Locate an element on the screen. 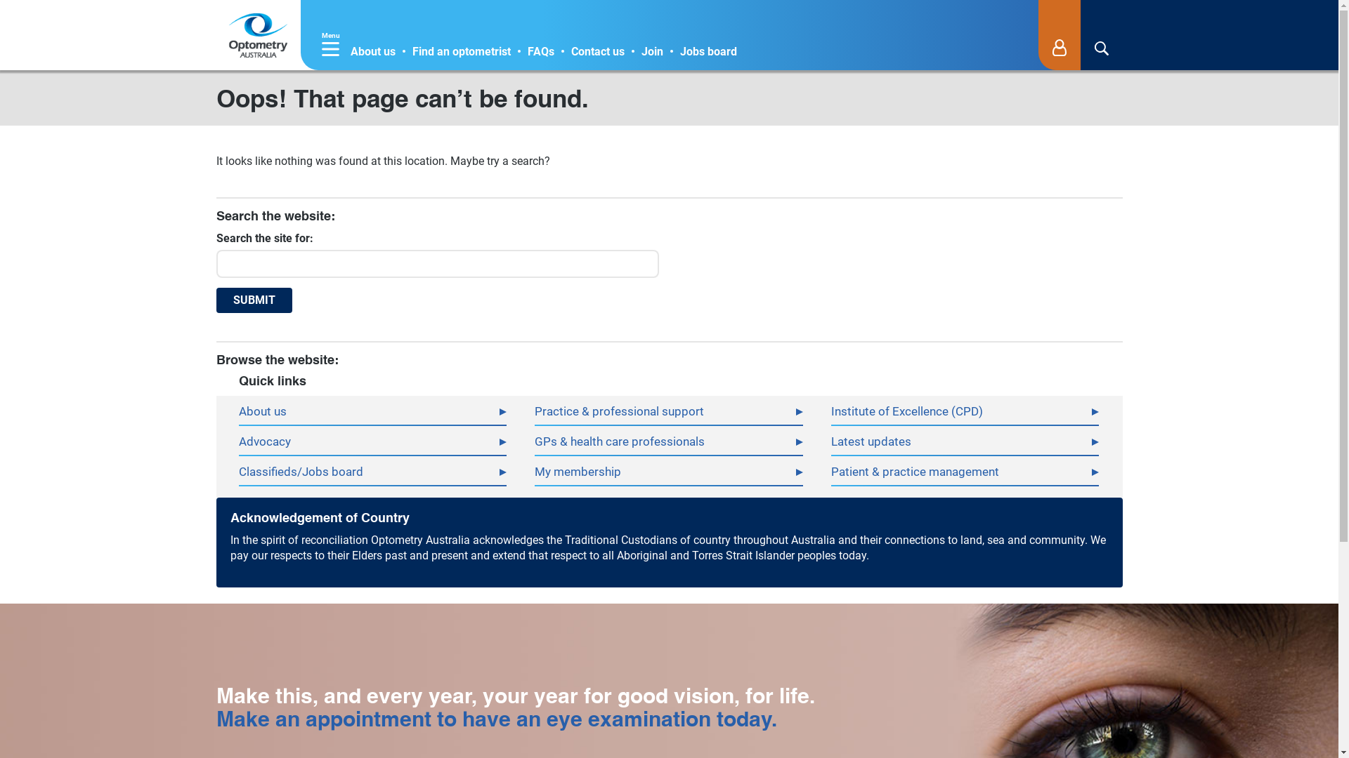 The image size is (1349, 758). 'Jobs board' is located at coordinates (708, 51).